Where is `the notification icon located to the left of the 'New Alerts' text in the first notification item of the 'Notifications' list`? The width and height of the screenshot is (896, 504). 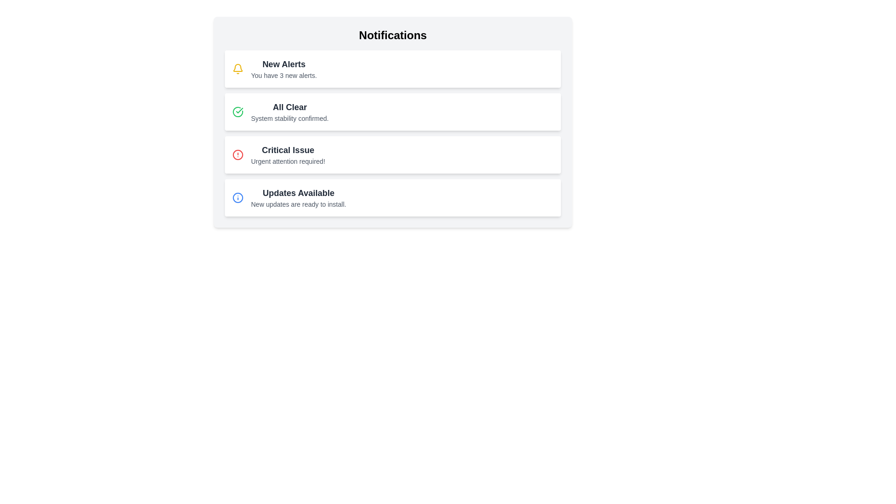 the notification icon located to the left of the 'New Alerts' text in the first notification item of the 'Notifications' list is located at coordinates (238, 68).